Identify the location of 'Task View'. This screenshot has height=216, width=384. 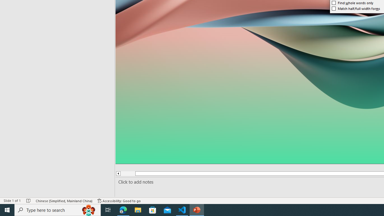
(108, 209).